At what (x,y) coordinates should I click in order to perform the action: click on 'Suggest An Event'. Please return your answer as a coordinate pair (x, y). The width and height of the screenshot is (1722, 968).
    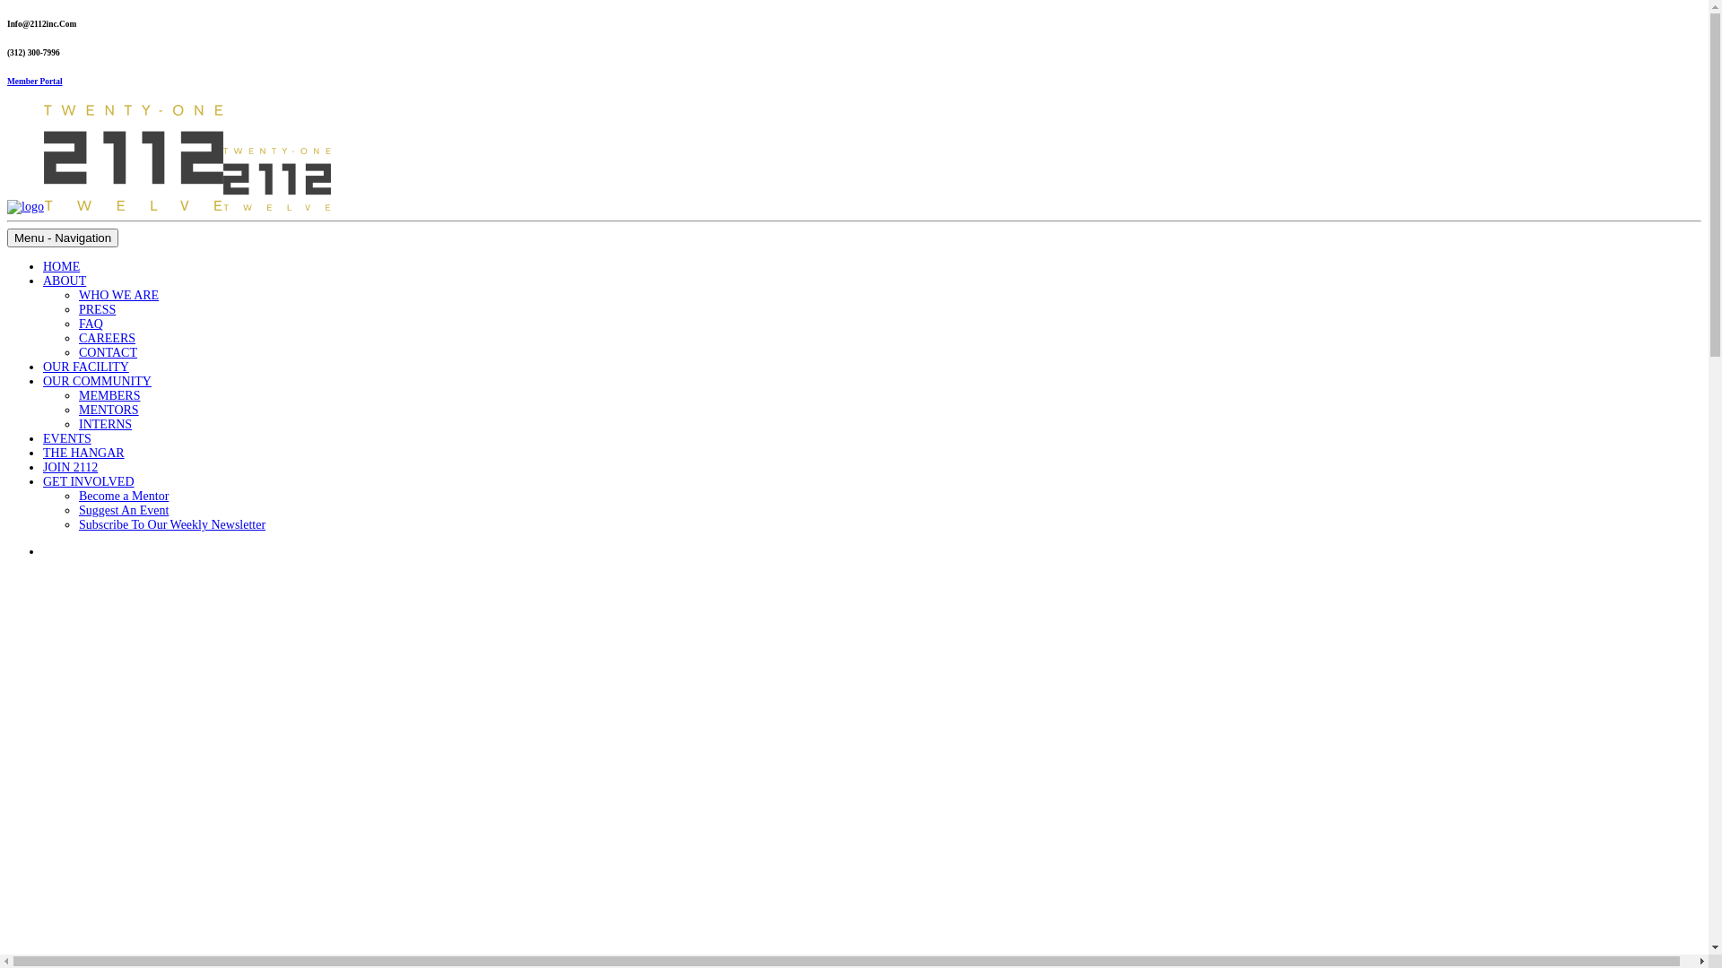
    Looking at the image, I should click on (123, 510).